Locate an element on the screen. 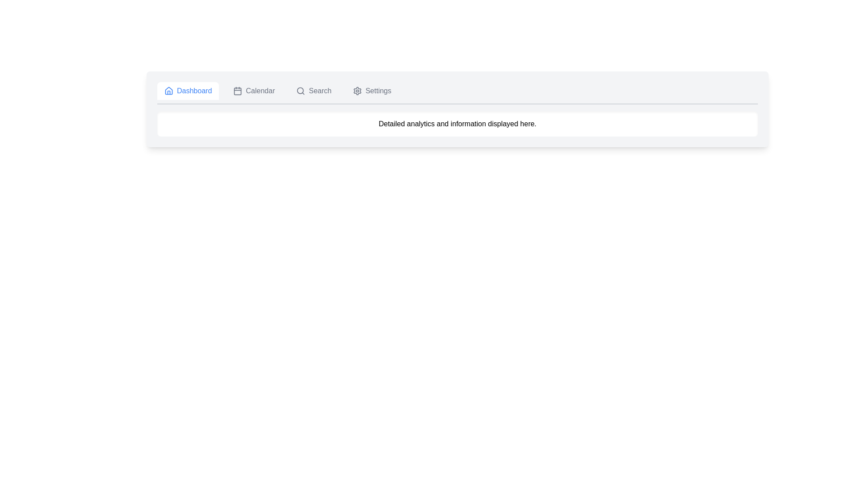 The image size is (858, 482). the navigational label in the first menu item of the top horizontal navigation bar is located at coordinates (194, 91).